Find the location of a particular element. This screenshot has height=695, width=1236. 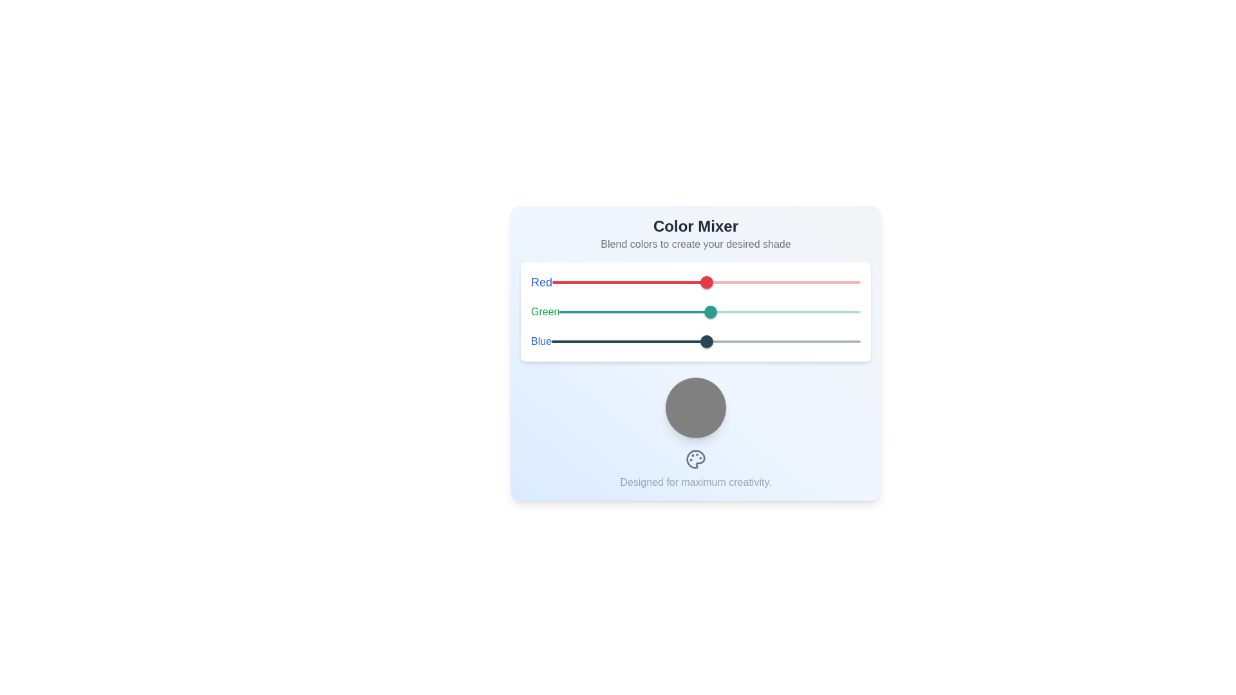

the green slider is located at coordinates (662, 312).